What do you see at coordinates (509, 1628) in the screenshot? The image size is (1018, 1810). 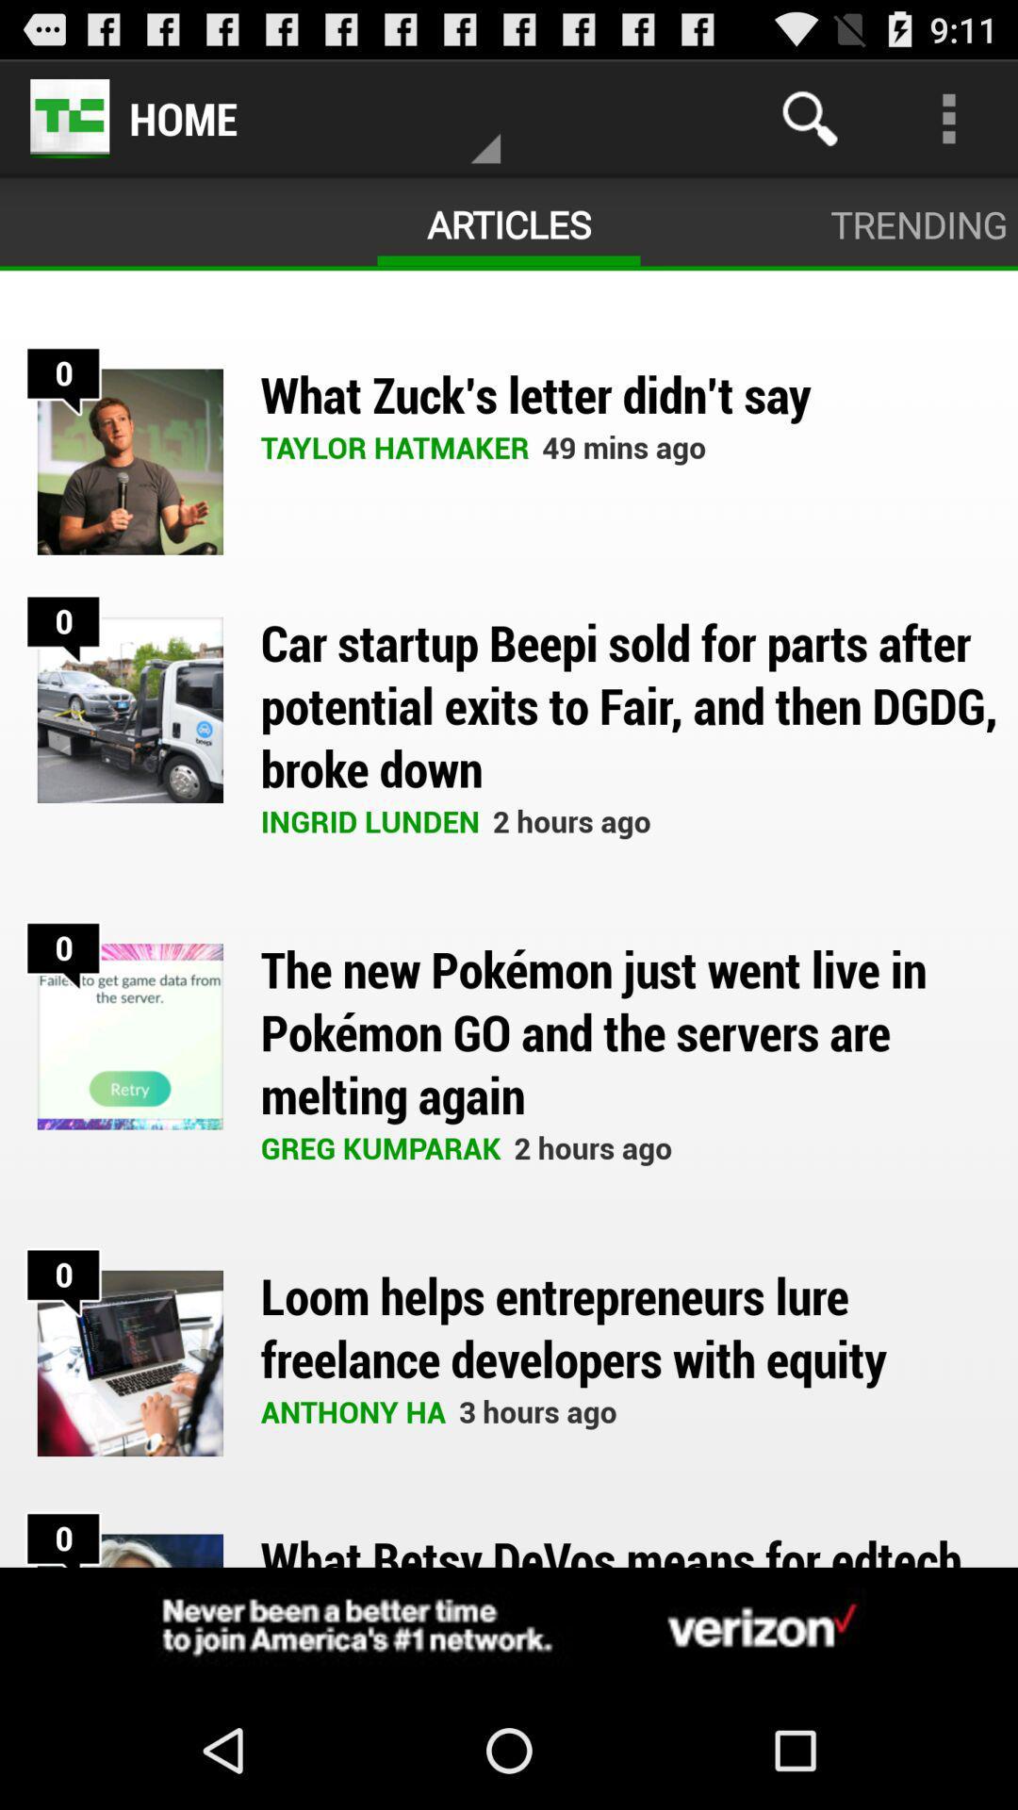 I see `of the option` at bounding box center [509, 1628].